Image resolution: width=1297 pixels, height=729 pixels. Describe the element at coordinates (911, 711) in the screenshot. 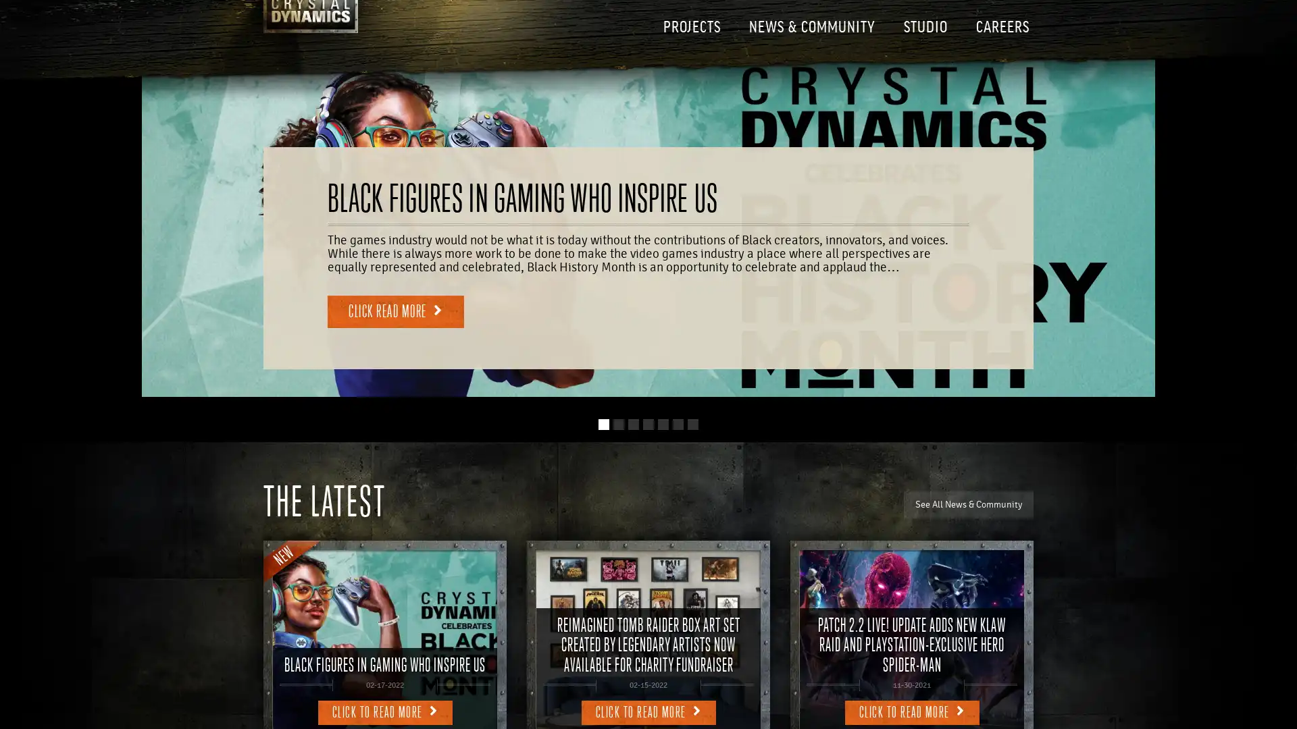

I see `CLICK TO READ MORE` at that location.